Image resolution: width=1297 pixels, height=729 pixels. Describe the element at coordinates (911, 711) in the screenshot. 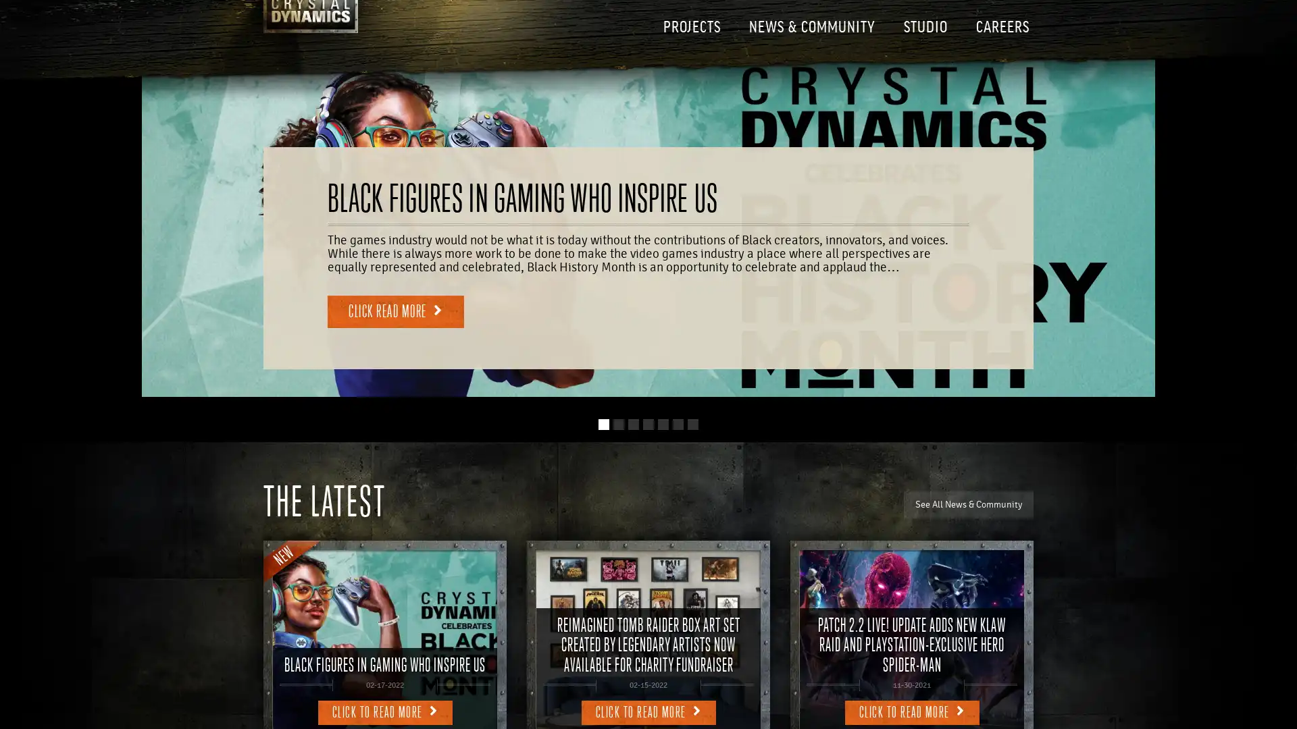

I see `CLICK TO READ MORE` at that location.